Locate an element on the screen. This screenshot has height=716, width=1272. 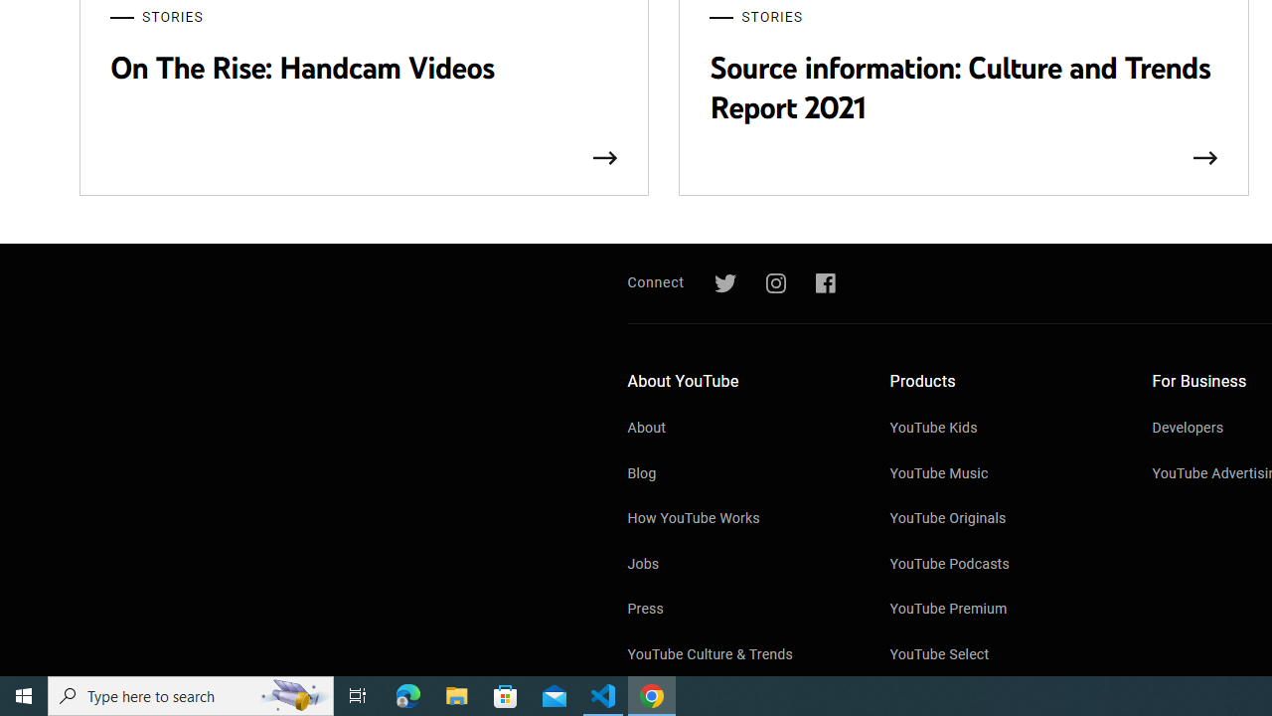
'YouTube Culture & Trends' is located at coordinates (737, 655).